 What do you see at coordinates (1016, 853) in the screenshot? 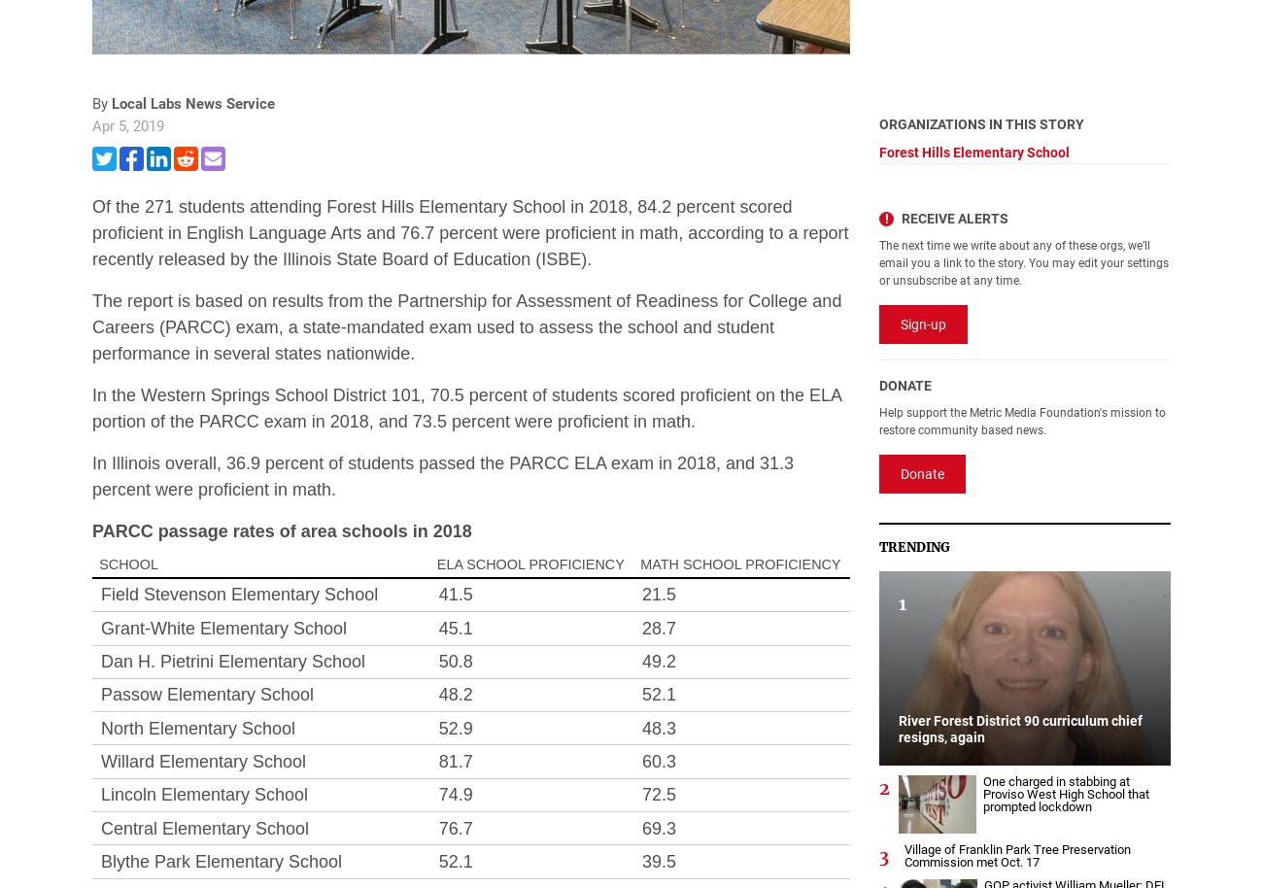
I see `'Village of Franklin Park Tree Preservation Commission met Oct. 17'` at bounding box center [1016, 853].